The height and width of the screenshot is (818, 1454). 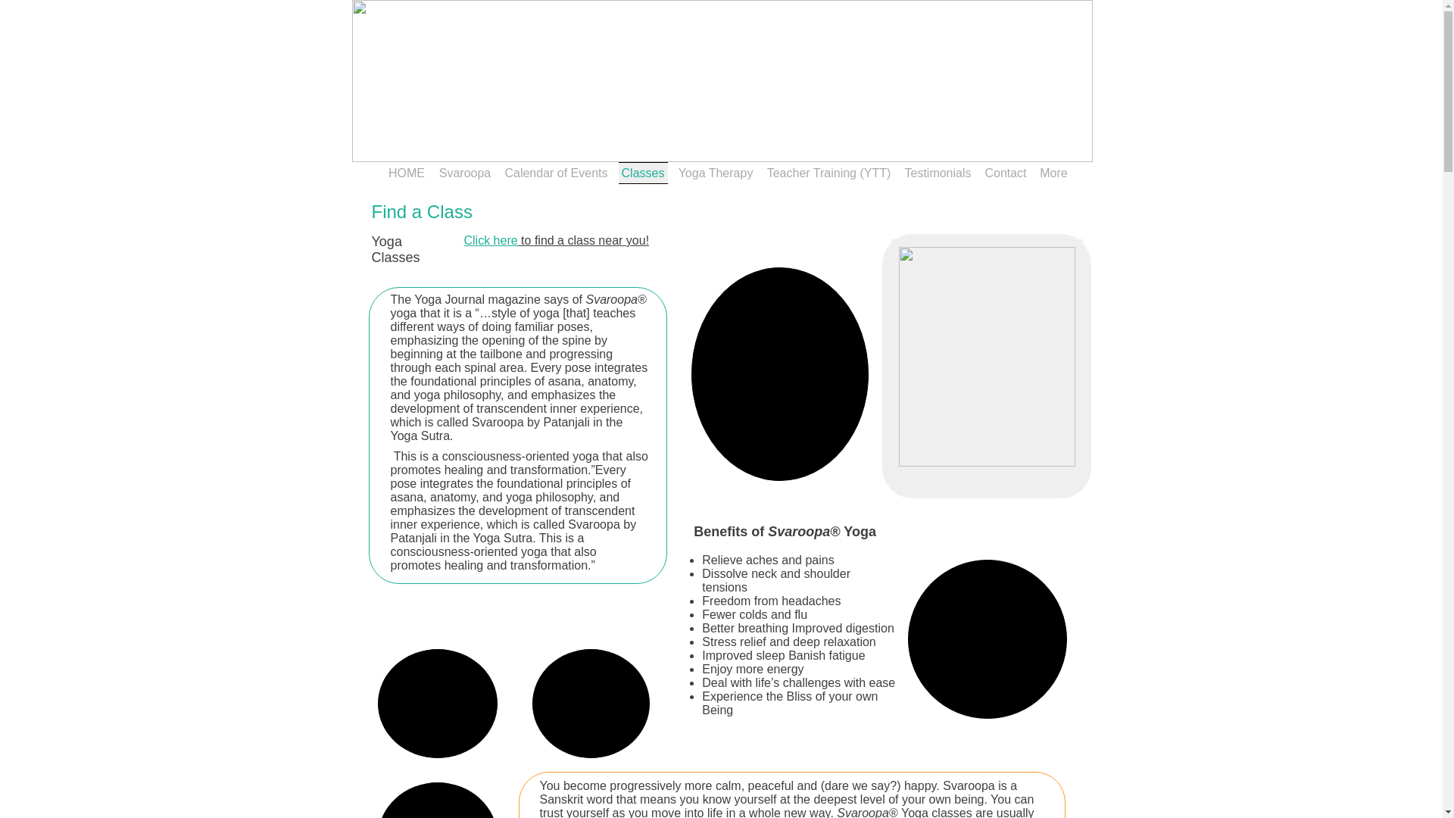 What do you see at coordinates (714, 172) in the screenshot?
I see `'Yoga Therapy'` at bounding box center [714, 172].